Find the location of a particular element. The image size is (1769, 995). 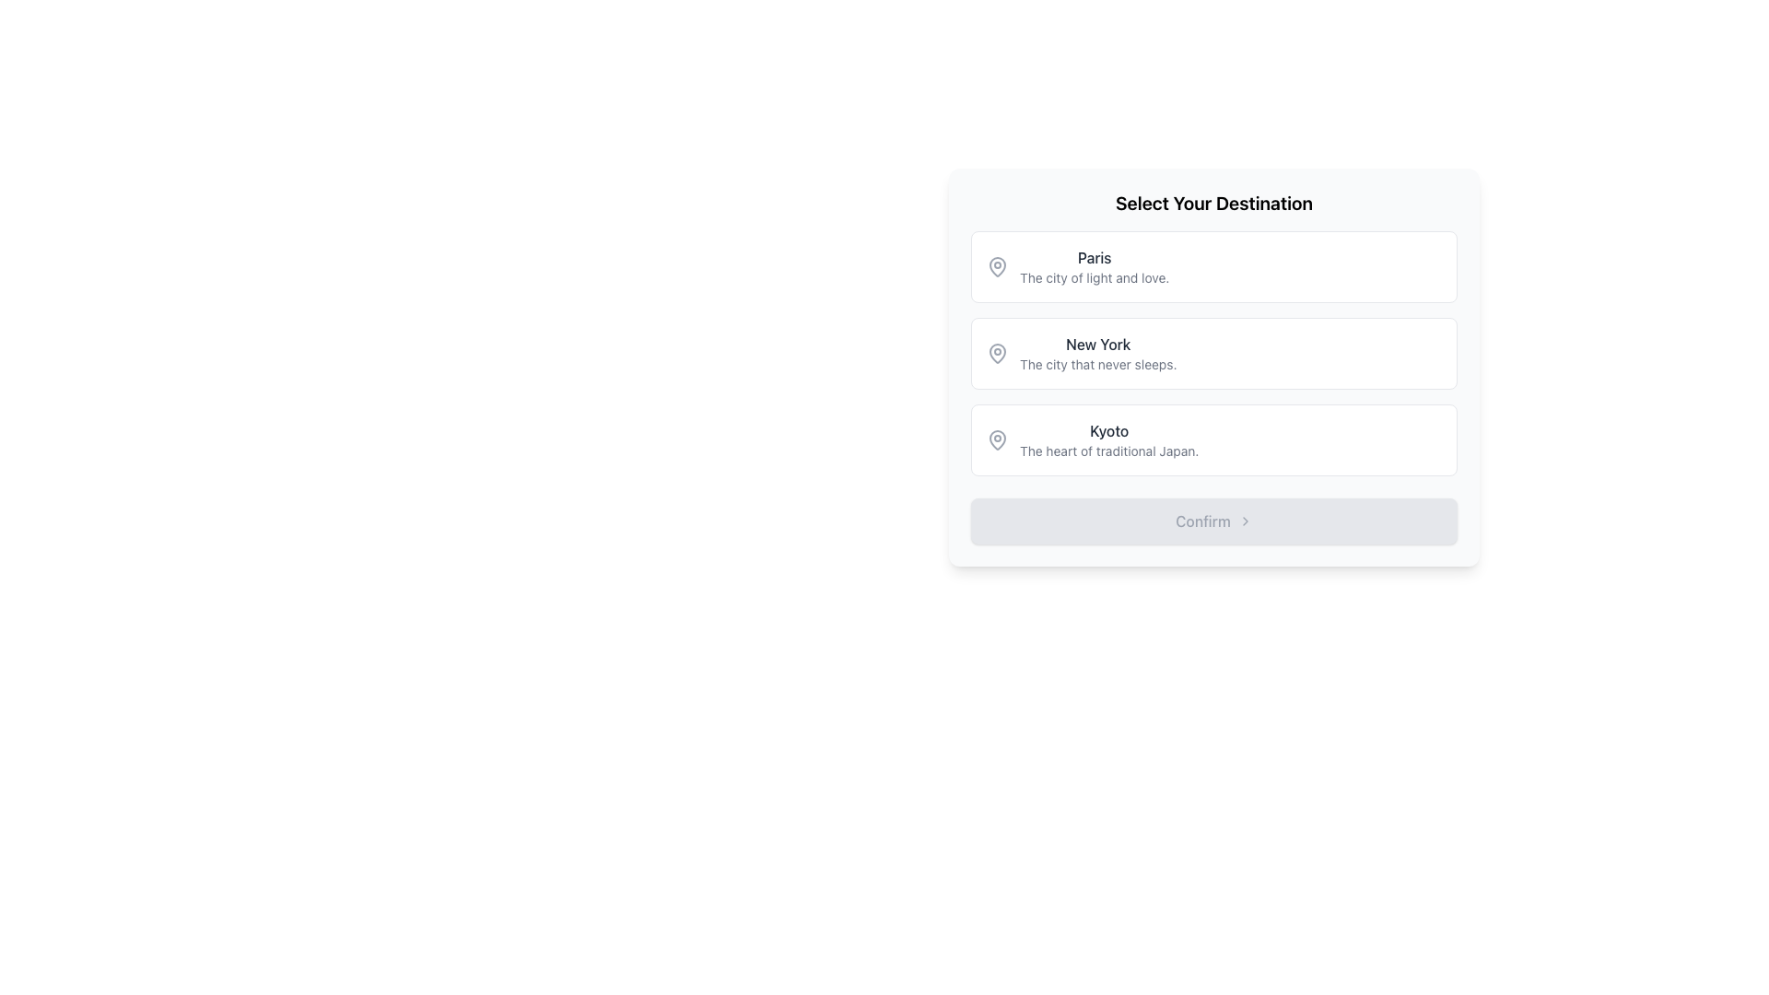

the text label displaying 'New York', which is the second item in a vertical list of city names in the 'Select Your Destination' section is located at coordinates (1098, 345).